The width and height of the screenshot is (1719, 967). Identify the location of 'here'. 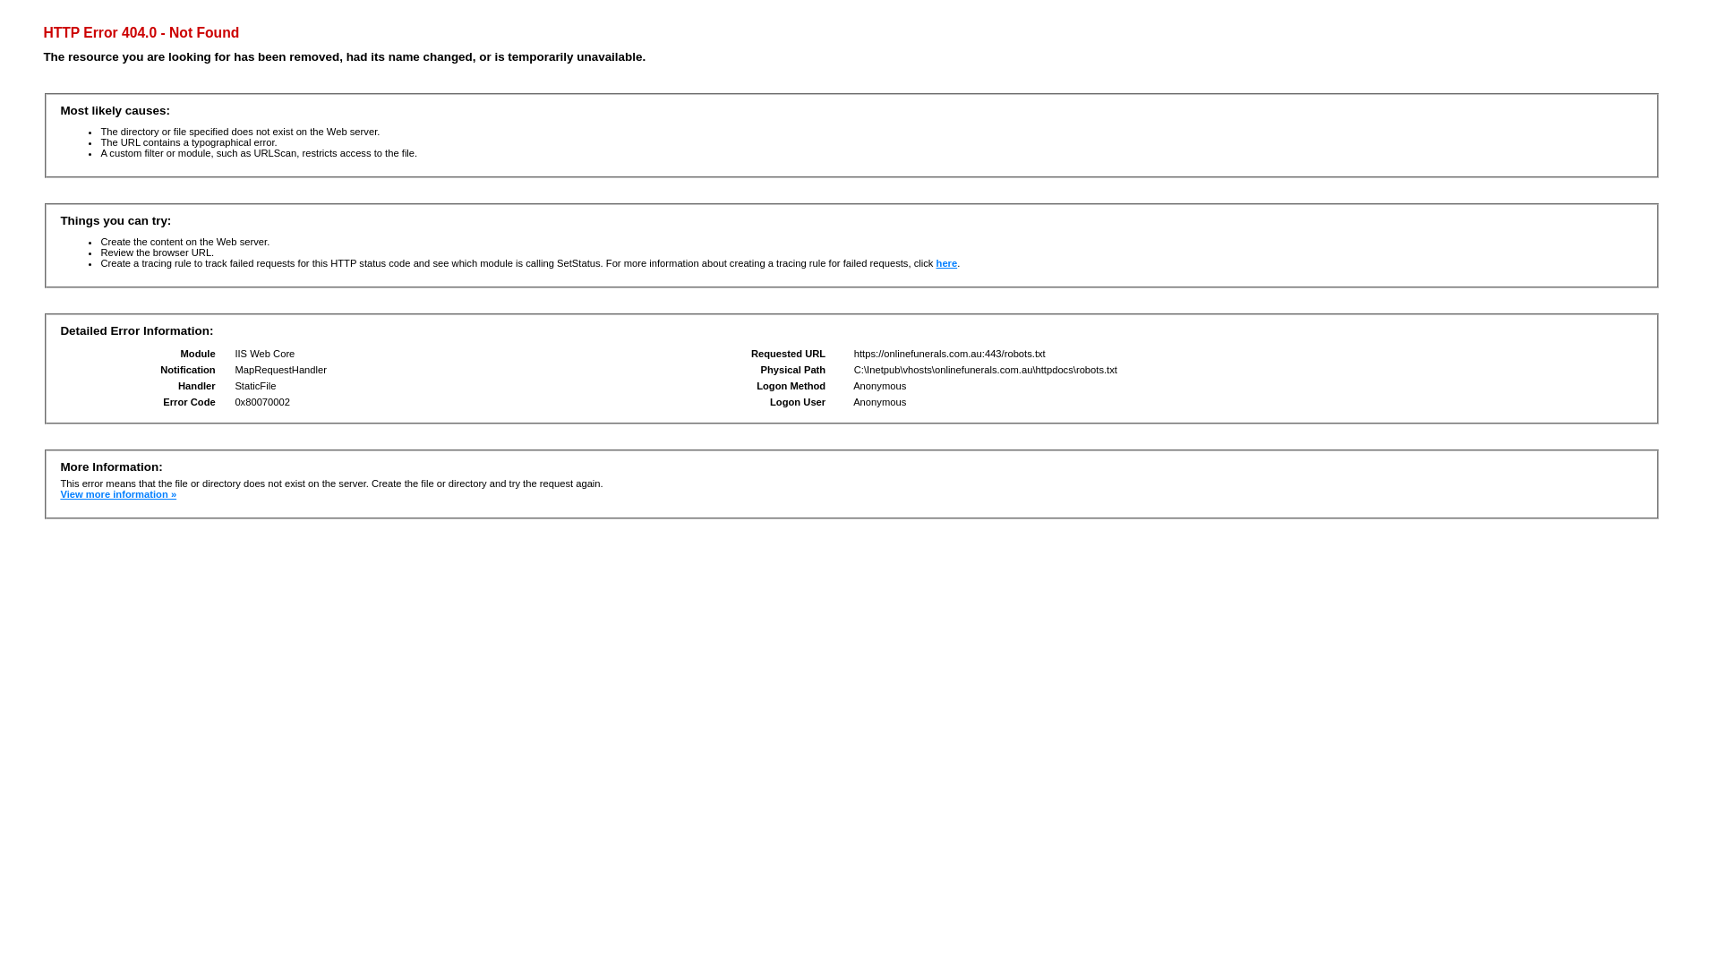
(936, 262).